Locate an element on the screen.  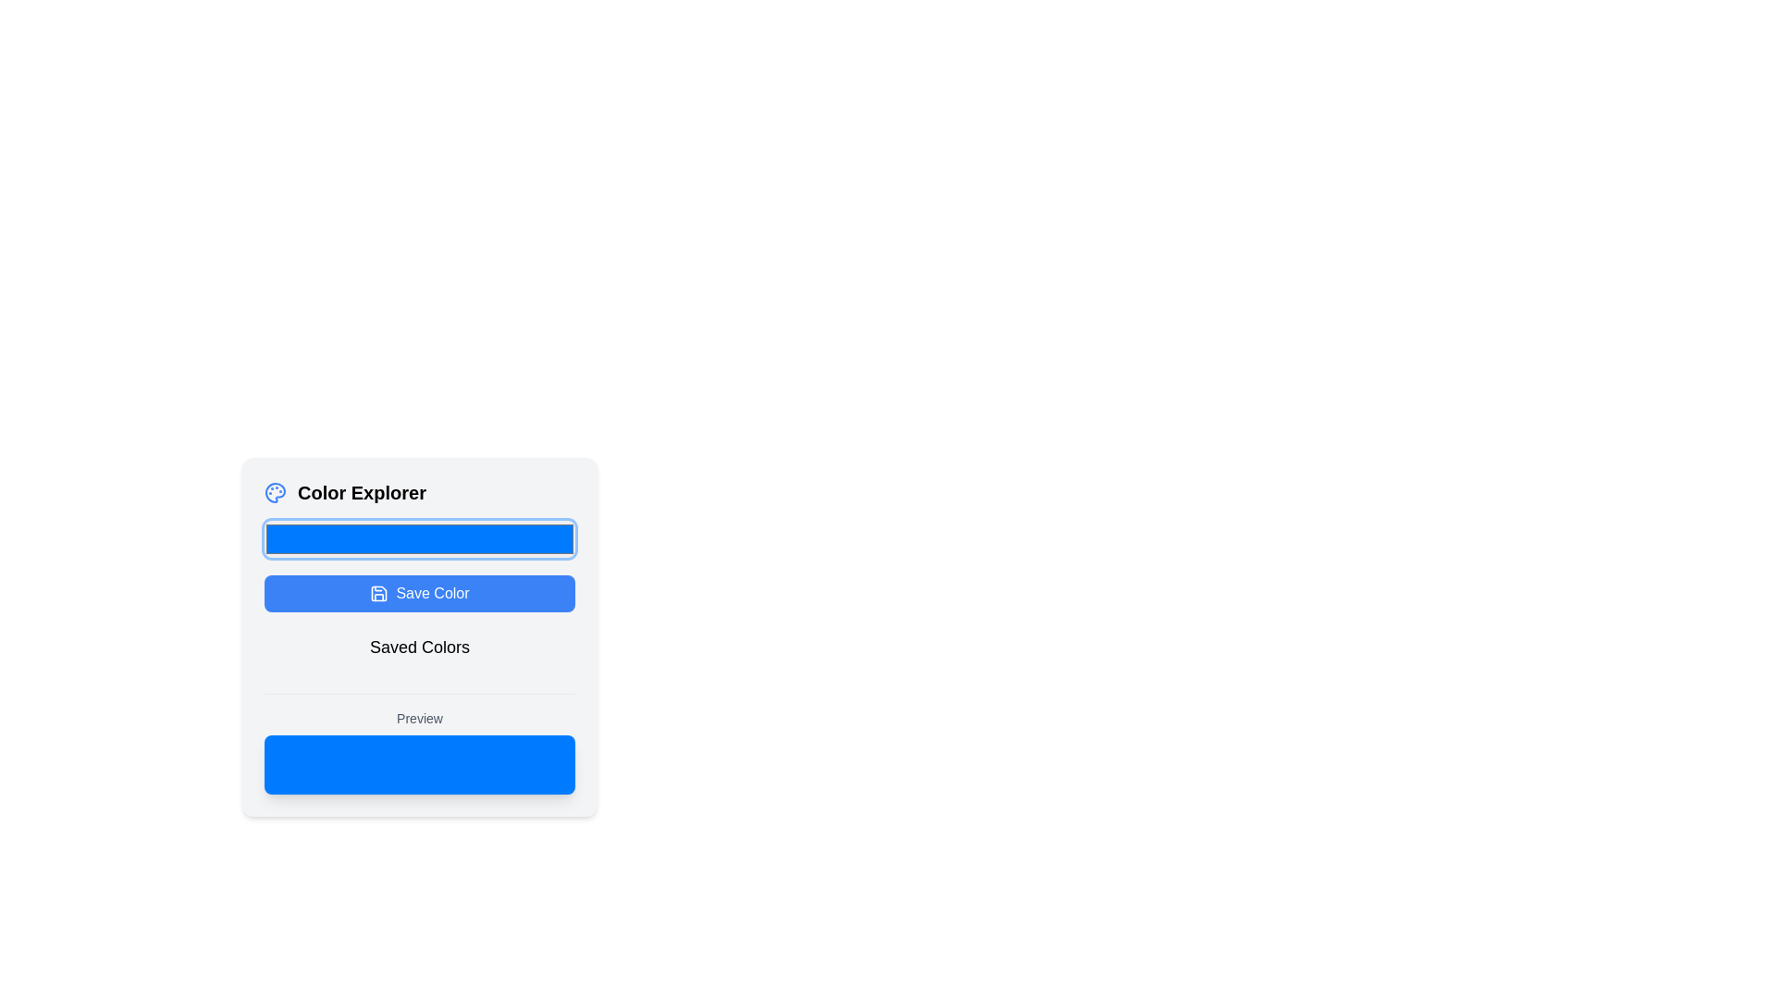
the 'Color Explorer' text label element, which is prominently displayed in bold font above a rectangular input field is located at coordinates (362, 491).